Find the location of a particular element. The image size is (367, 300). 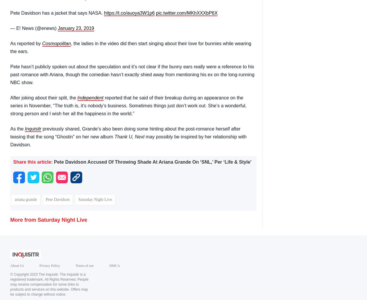

'Pete Davidson Accused Of Throwing Shade At Ariana Grande On ‘SNL,’ Per ‘Life & Style’' is located at coordinates (152, 162).